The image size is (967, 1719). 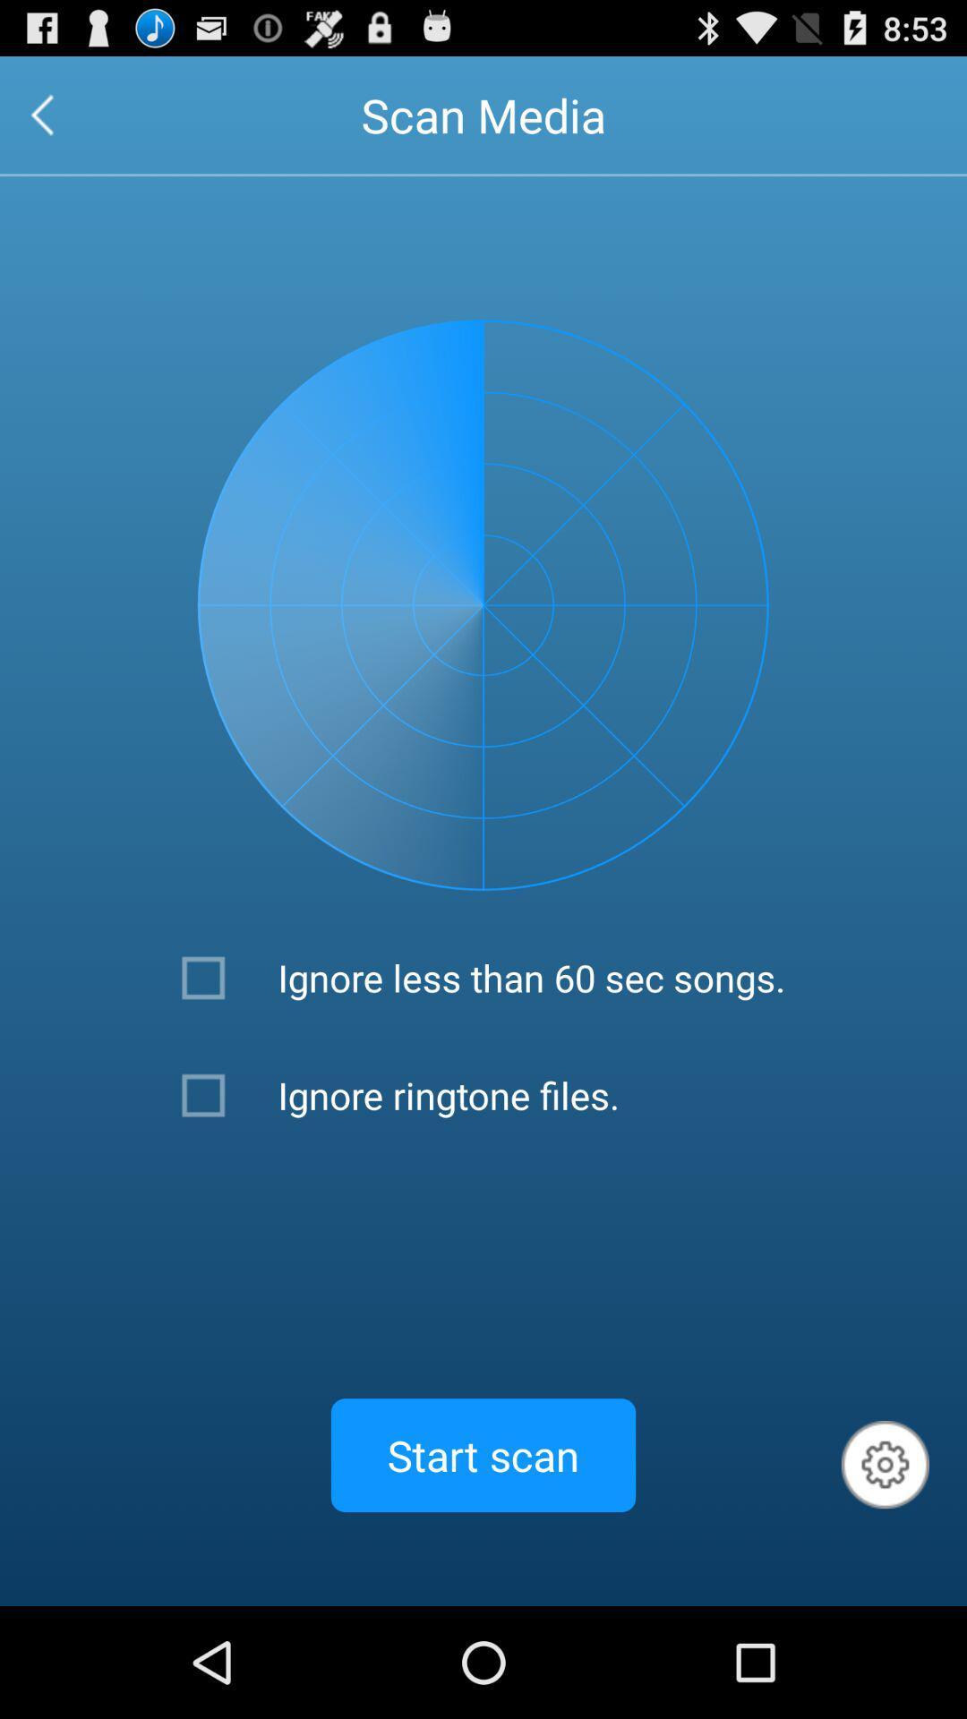 I want to click on the settings icon, so click(x=884, y=1567).